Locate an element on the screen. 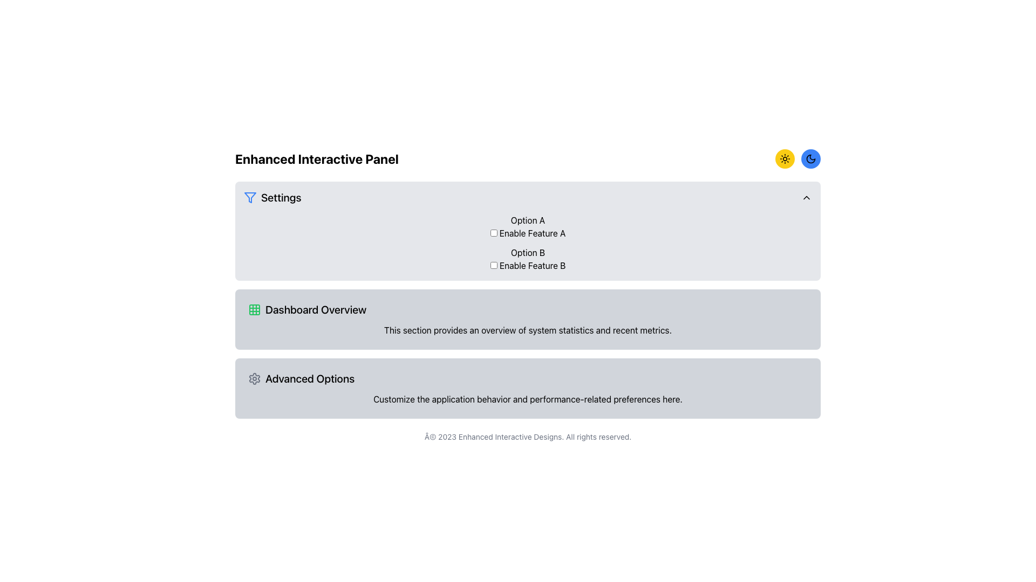  the 'Advanced Options' text label, which serves as an indicator for the corresponding section of the interface is located at coordinates (309, 378).